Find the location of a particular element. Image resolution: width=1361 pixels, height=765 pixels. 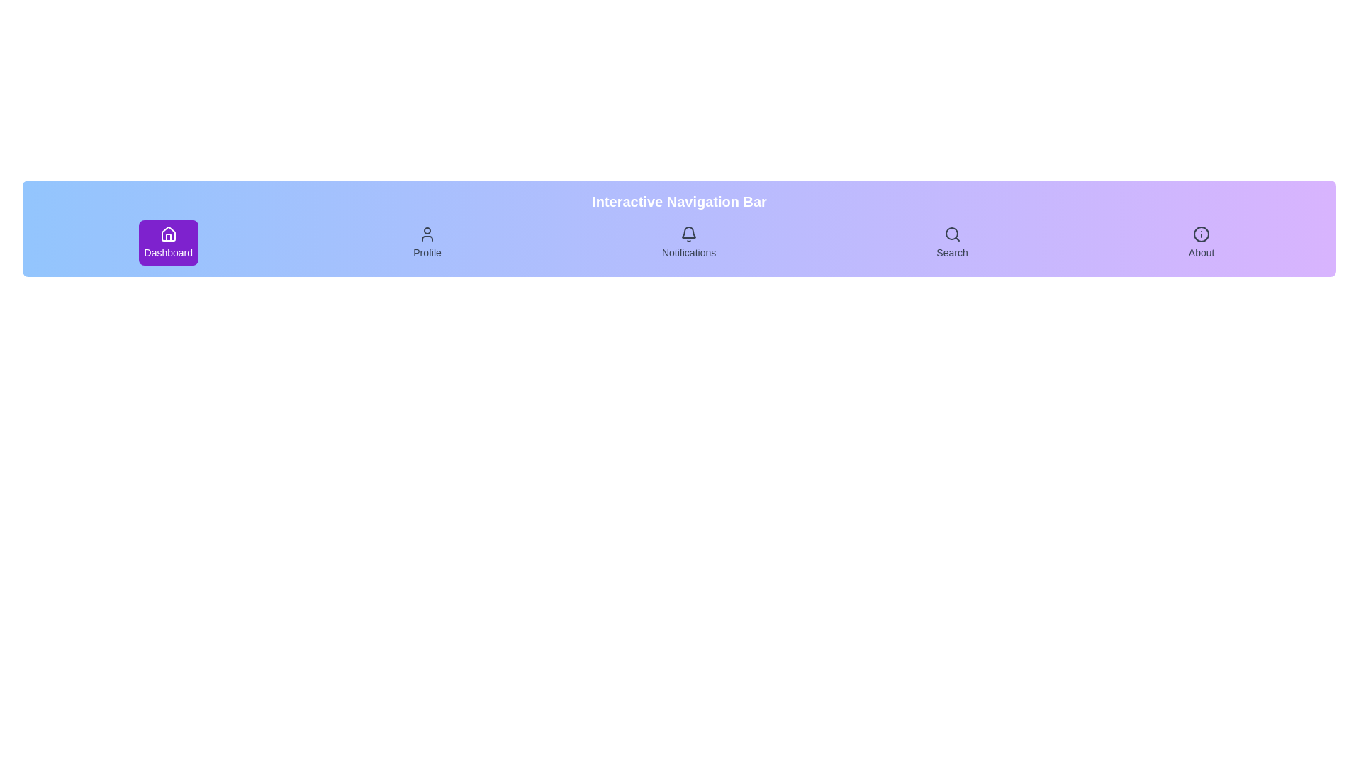

the icon of the navigation item Dashboard is located at coordinates (168, 234).